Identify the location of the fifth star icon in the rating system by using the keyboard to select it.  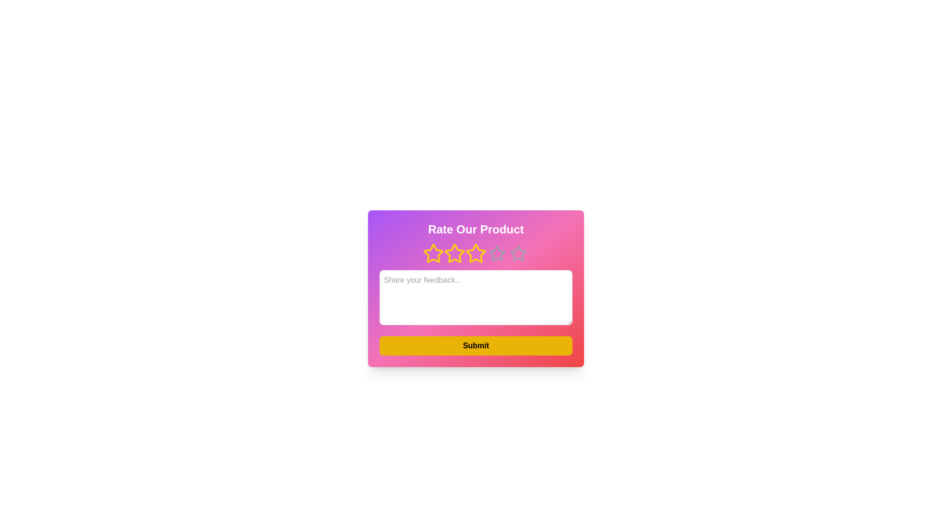
(518, 253).